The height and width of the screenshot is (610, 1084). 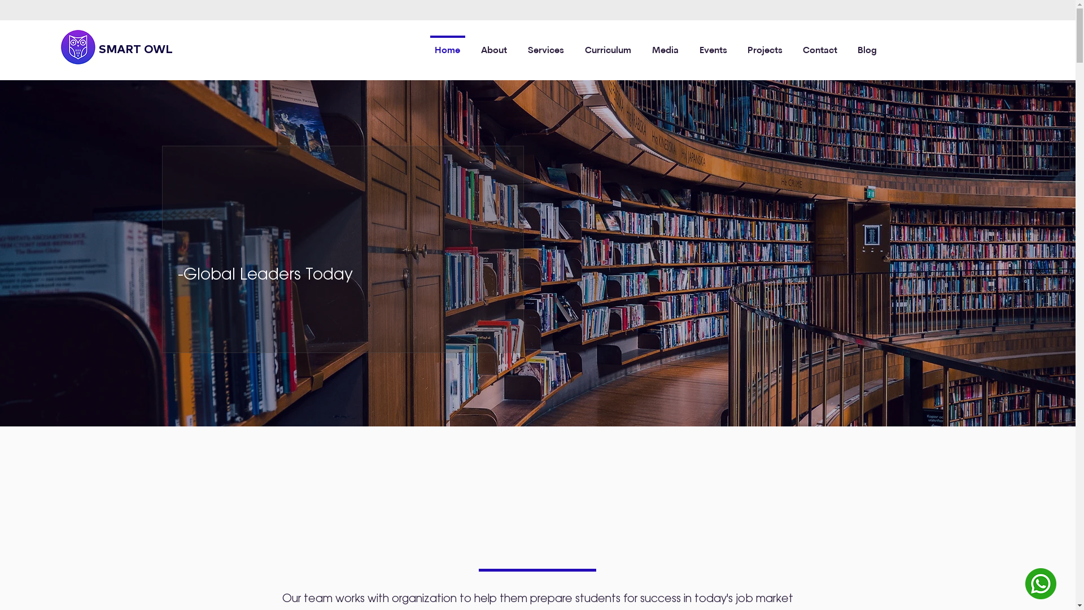 I want to click on 'Services', so click(x=546, y=45).